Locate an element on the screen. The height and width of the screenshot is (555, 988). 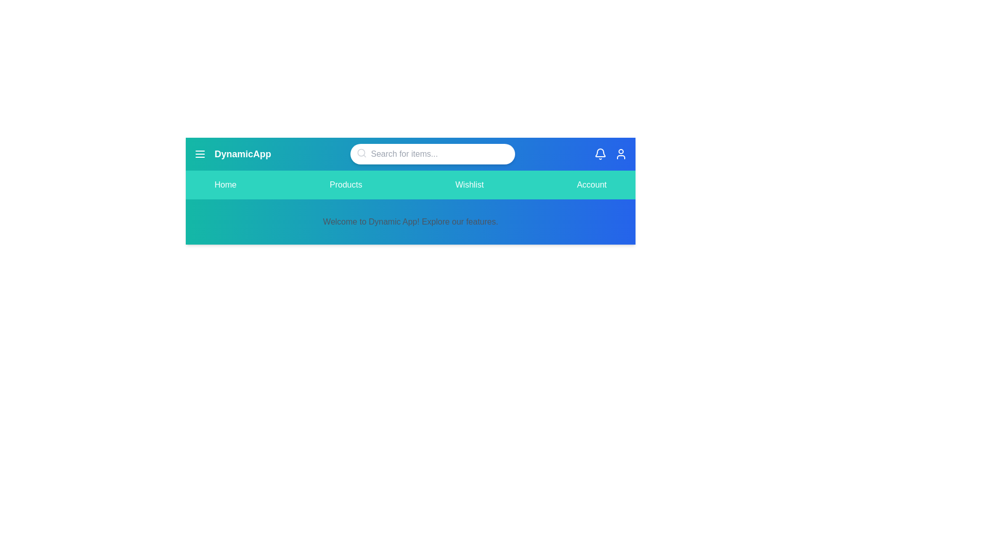
the navigation tab Wishlist to trigger interaction feedback is located at coordinates (469, 184).